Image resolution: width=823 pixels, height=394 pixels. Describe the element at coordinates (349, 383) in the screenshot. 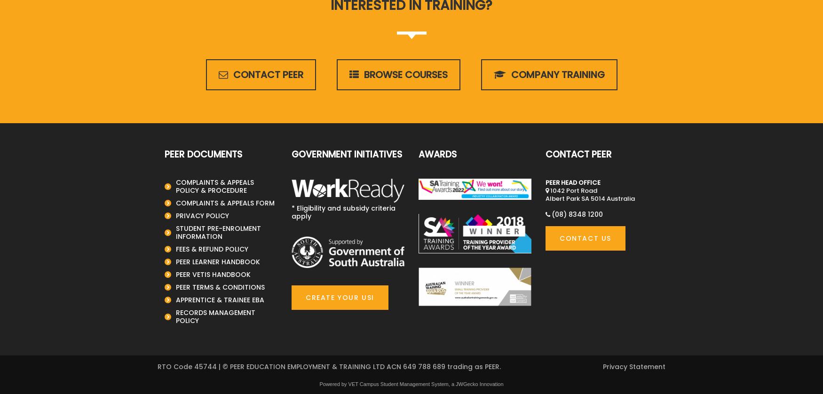

I see `'Powered by VET Campus'` at that location.